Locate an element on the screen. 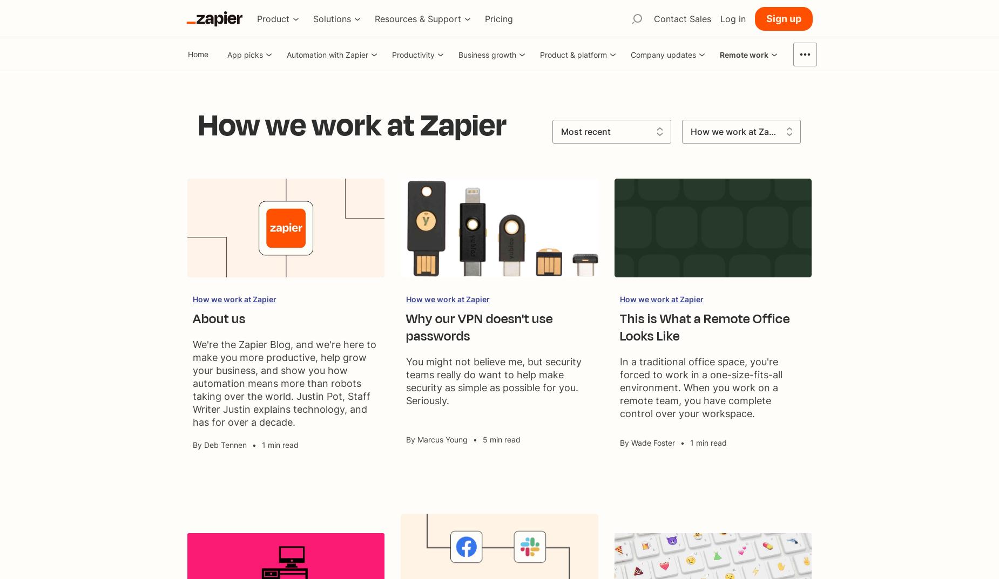  'Automation with Zapier' is located at coordinates (327, 54).